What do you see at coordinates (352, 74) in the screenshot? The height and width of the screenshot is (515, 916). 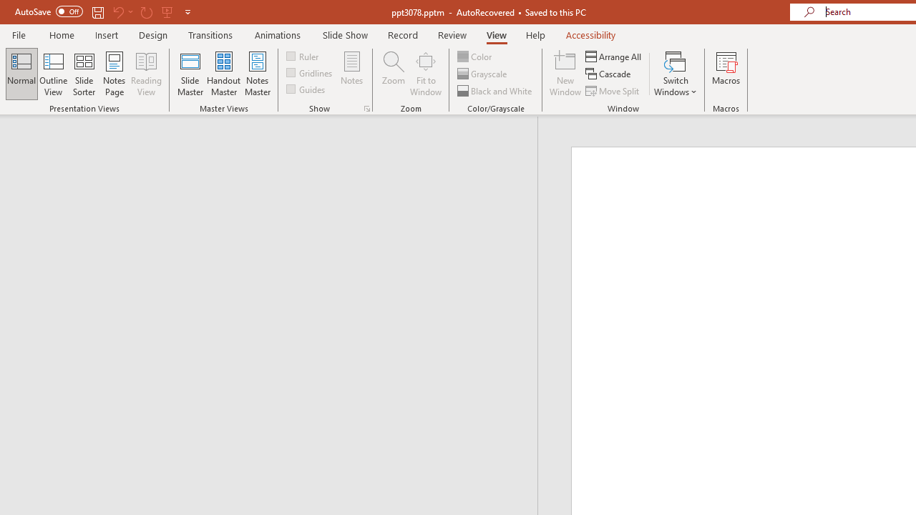 I see `'Notes'` at bounding box center [352, 74].